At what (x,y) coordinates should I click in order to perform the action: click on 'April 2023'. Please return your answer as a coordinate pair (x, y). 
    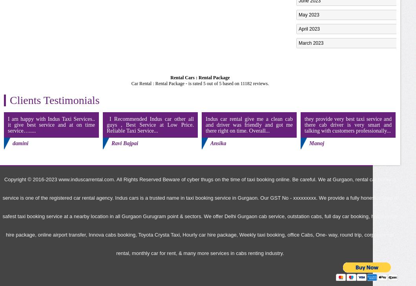
    Looking at the image, I should click on (309, 28).